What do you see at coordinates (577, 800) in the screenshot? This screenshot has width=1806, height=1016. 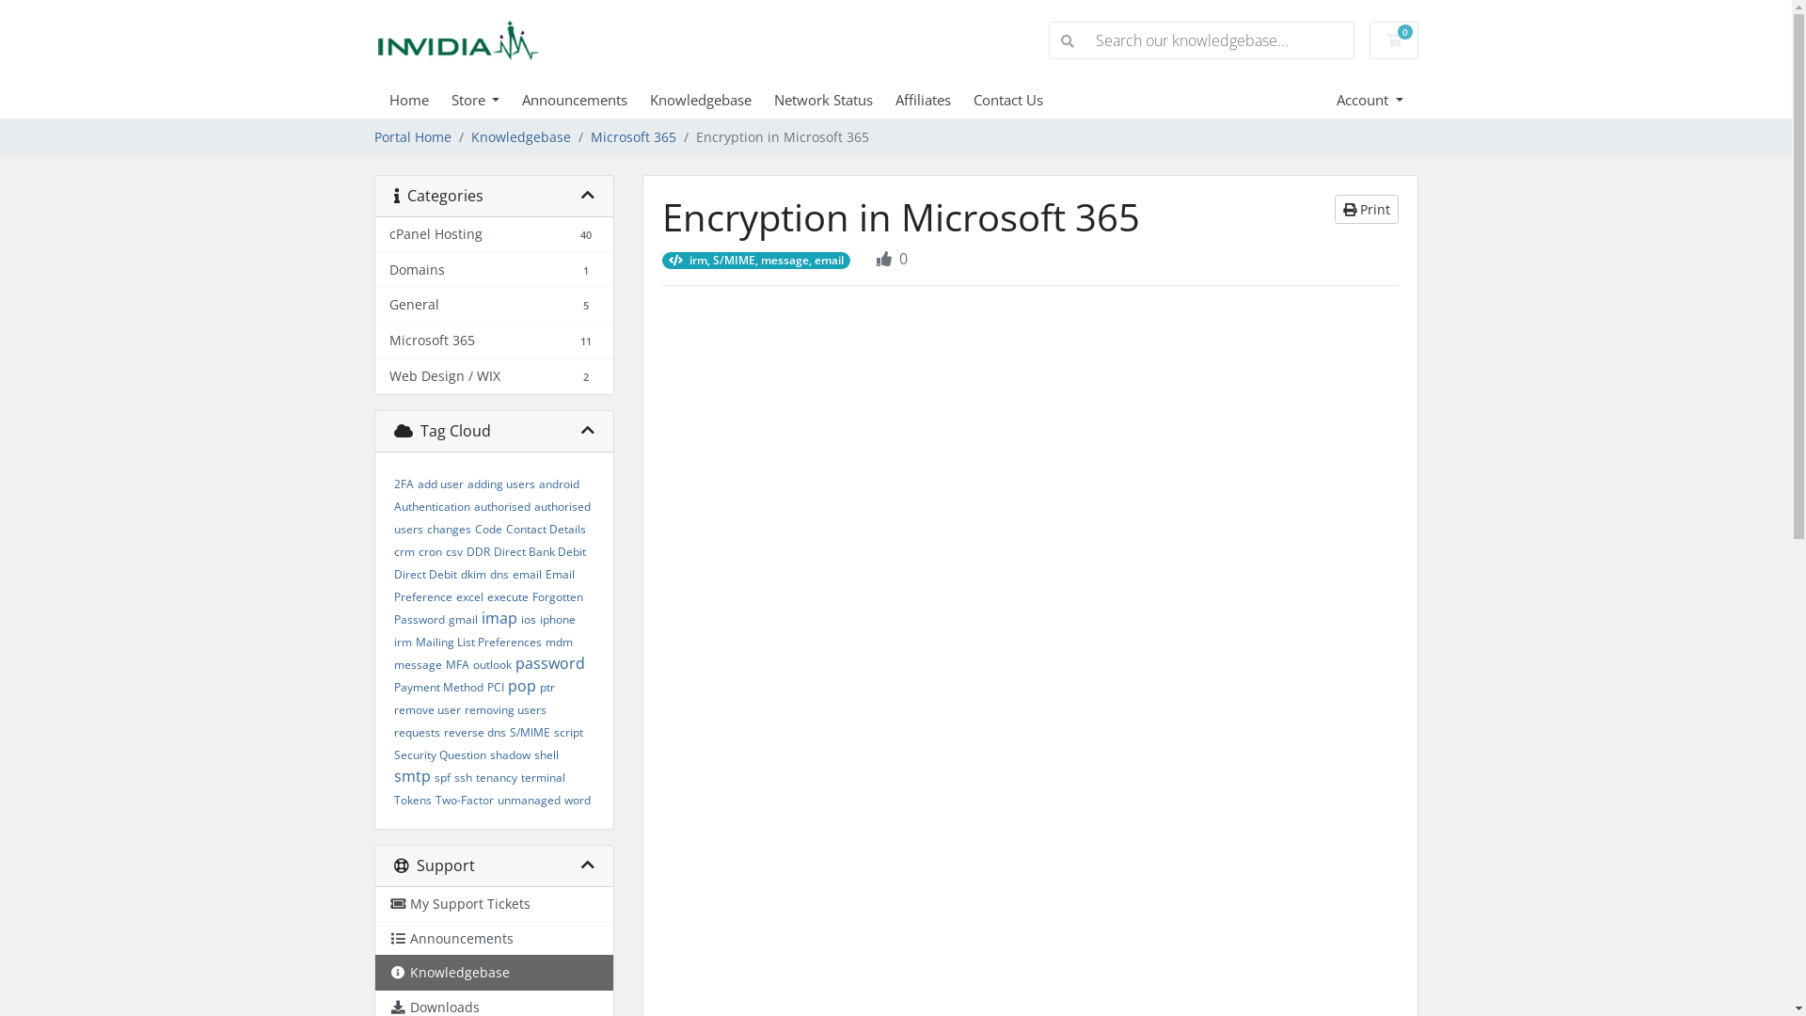 I see `'word'` at bounding box center [577, 800].